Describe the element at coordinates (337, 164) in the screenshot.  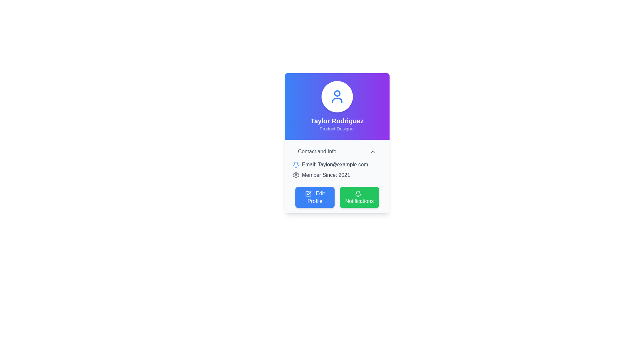
I see `the email address displayed just below the 'Contact and Info' heading to copy it` at that location.